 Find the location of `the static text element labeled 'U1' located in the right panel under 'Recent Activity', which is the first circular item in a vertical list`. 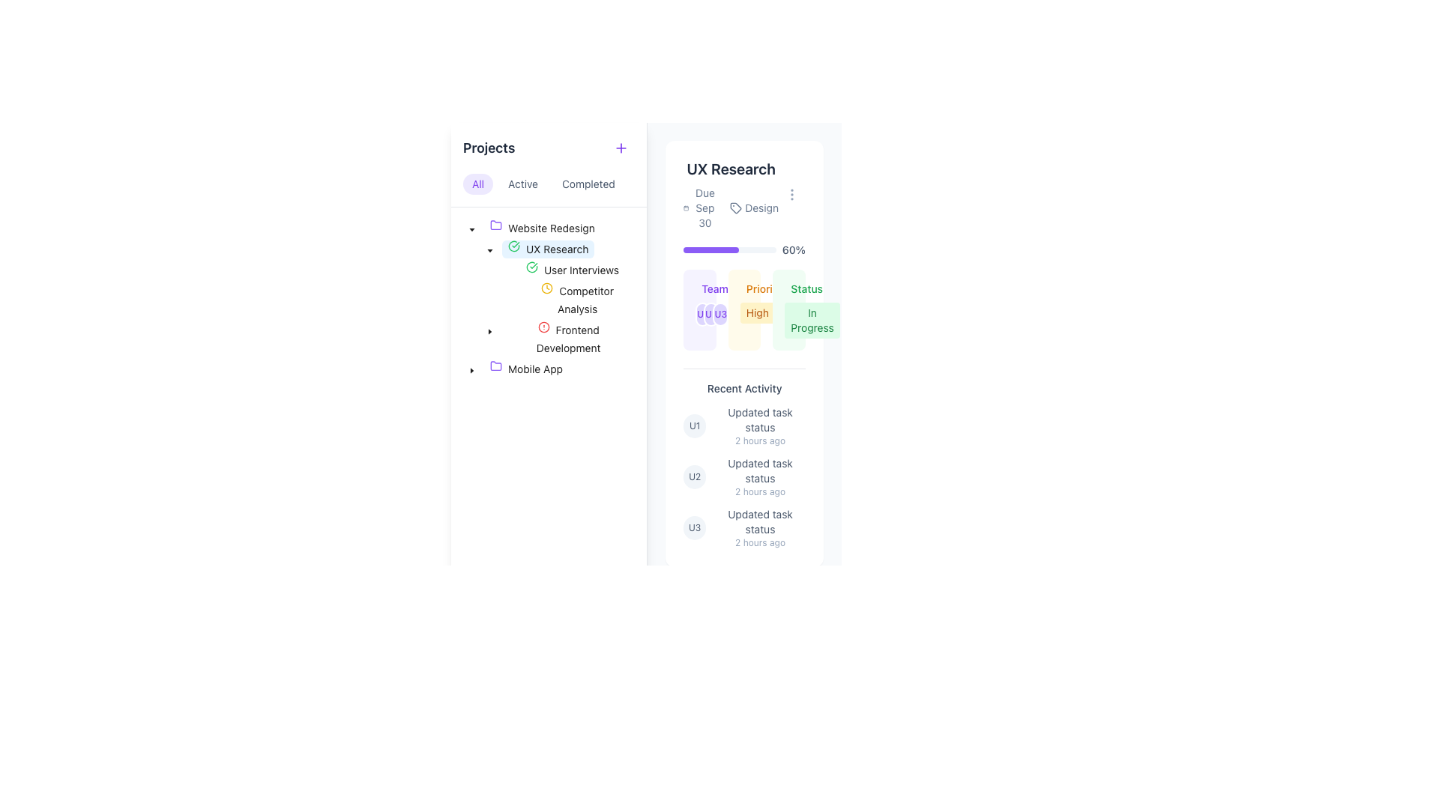

the static text element labeled 'U1' located in the right panel under 'Recent Activity', which is the first circular item in a vertical list is located at coordinates (694, 426).